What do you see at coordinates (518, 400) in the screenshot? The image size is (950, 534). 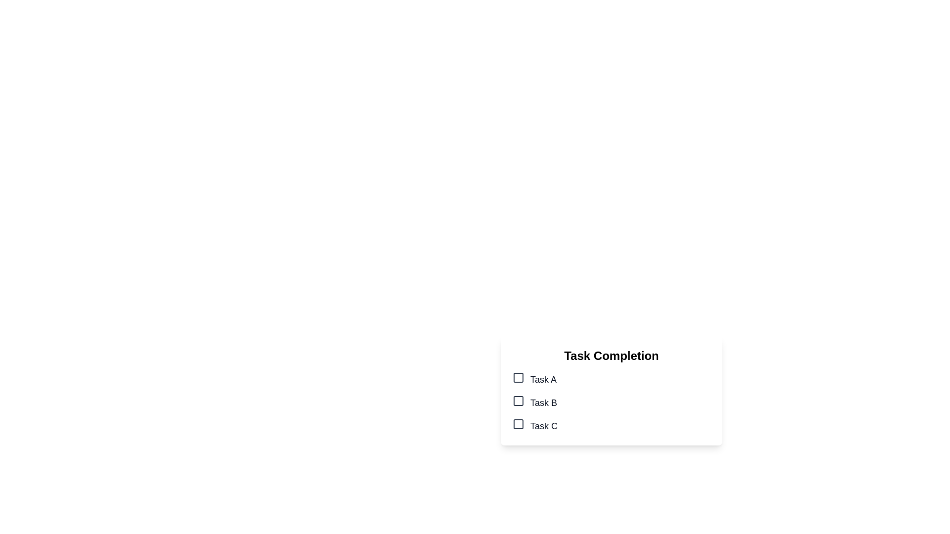 I see `the second checkbox labeled 'Task B' in the task completion list` at bounding box center [518, 400].